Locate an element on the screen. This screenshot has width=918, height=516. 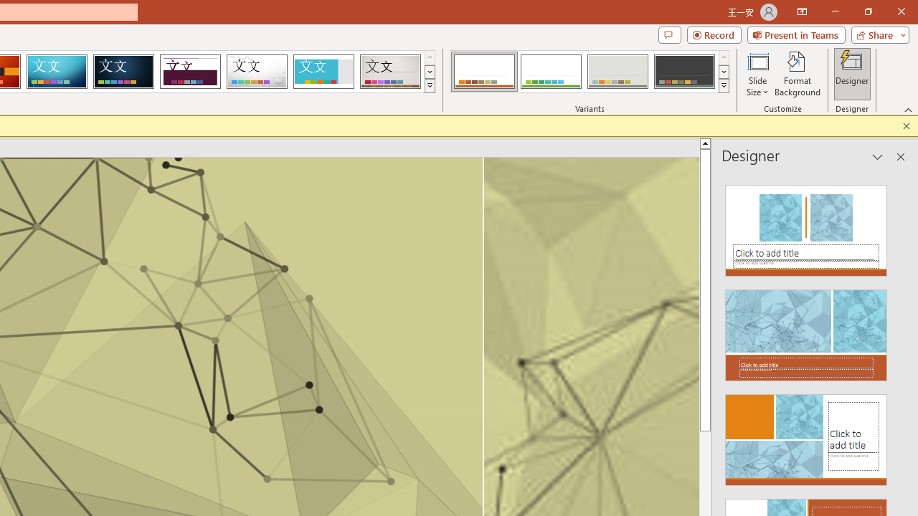
'AutomationID: ThemeVariantsGallery' is located at coordinates (590, 72).